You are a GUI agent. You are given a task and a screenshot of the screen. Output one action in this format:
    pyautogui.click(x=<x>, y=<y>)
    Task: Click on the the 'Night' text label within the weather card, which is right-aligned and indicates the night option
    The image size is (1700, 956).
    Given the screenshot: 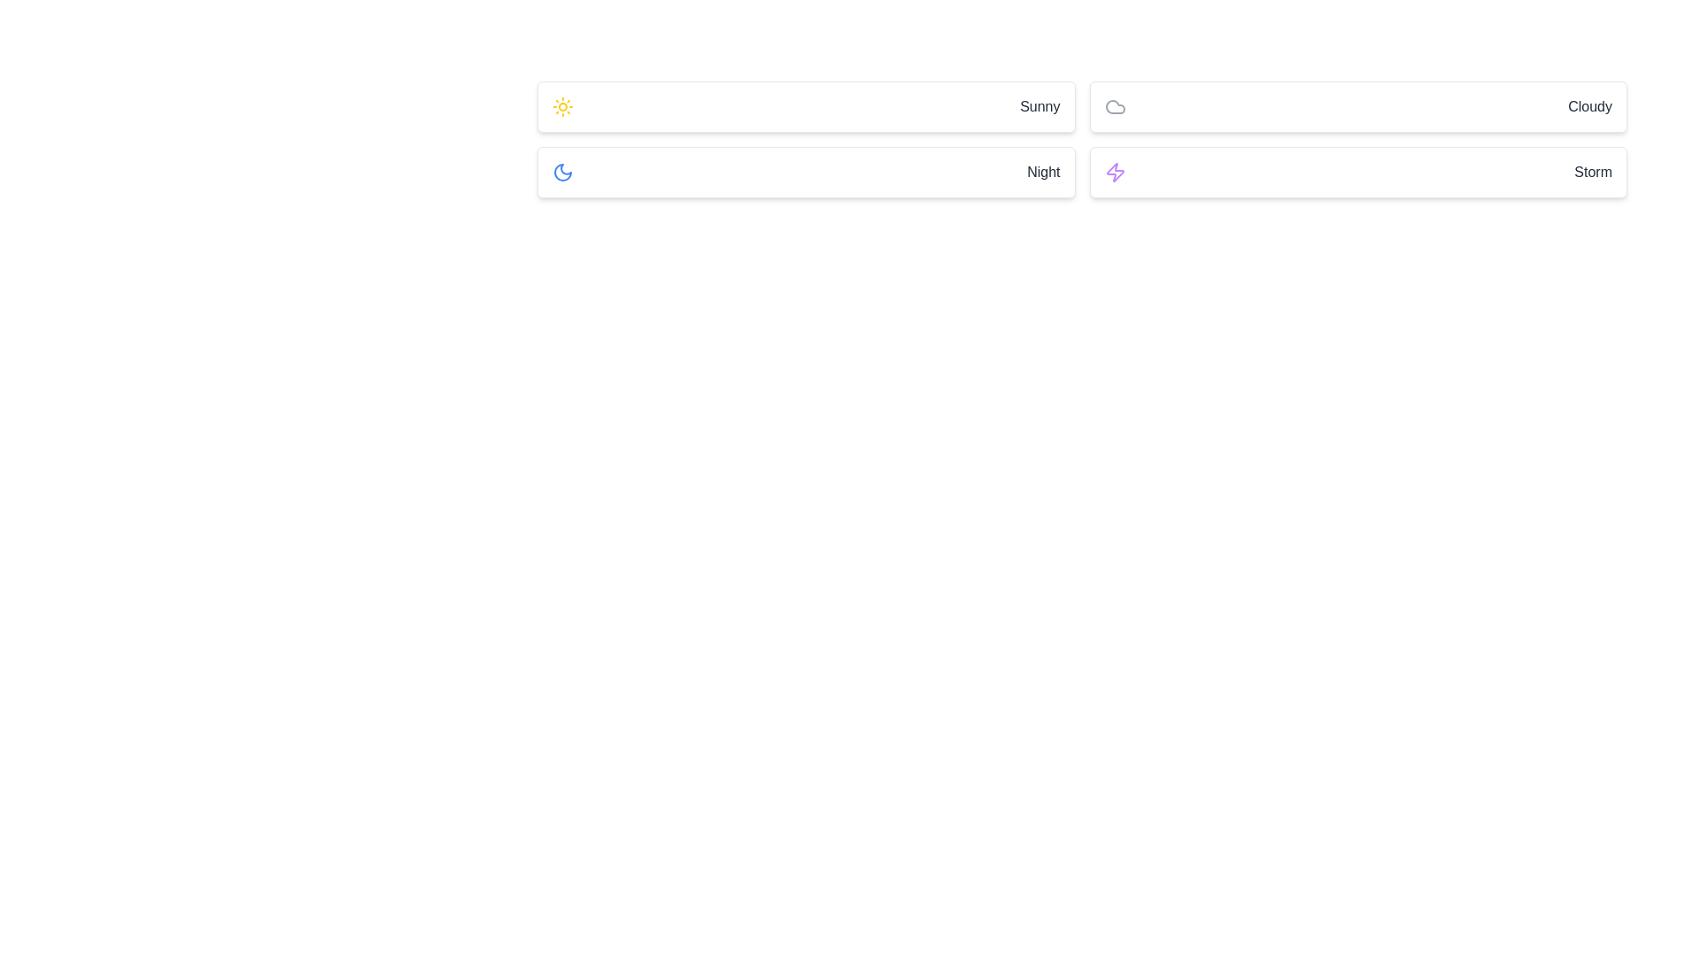 What is the action you would take?
    pyautogui.click(x=1043, y=173)
    